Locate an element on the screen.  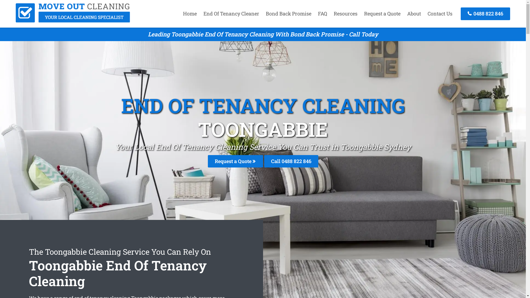
'Home' is located at coordinates (190, 13).